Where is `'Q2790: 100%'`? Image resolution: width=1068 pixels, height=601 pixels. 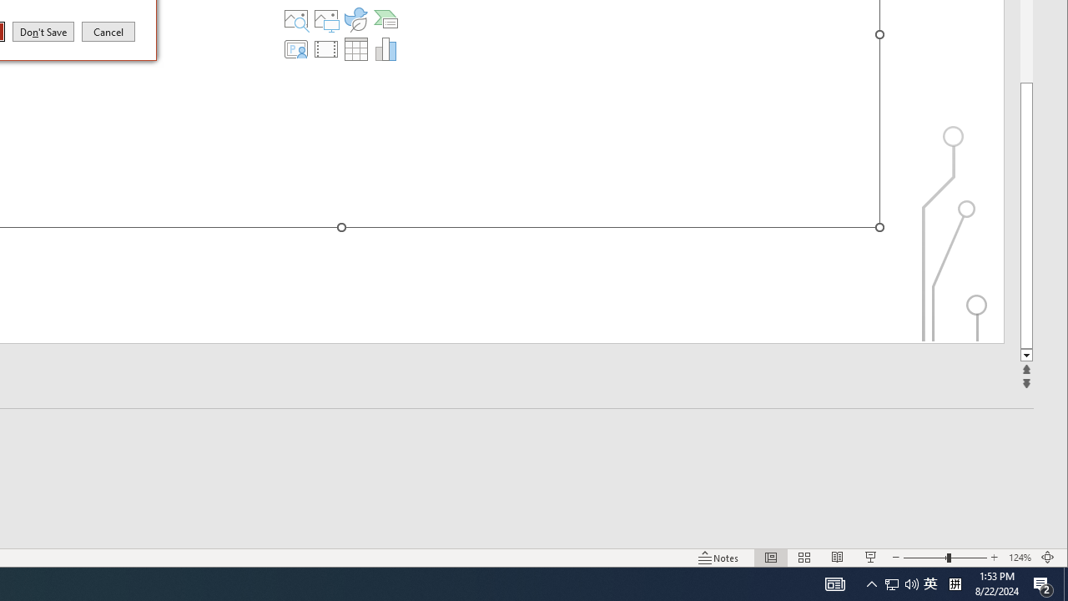
'Q2790: 100%' is located at coordinates (911, 583).